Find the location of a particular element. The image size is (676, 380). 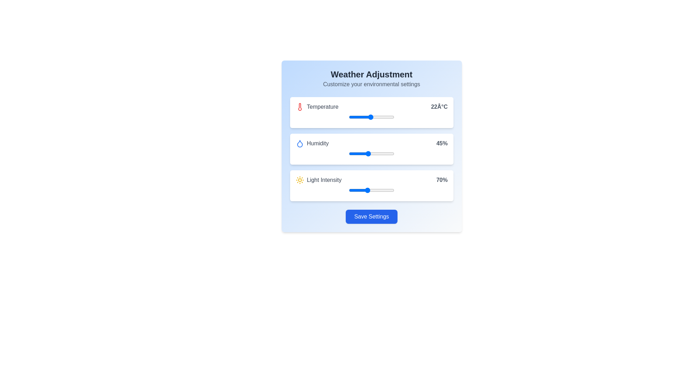

the light intensity is located at coordinates (360, 190).